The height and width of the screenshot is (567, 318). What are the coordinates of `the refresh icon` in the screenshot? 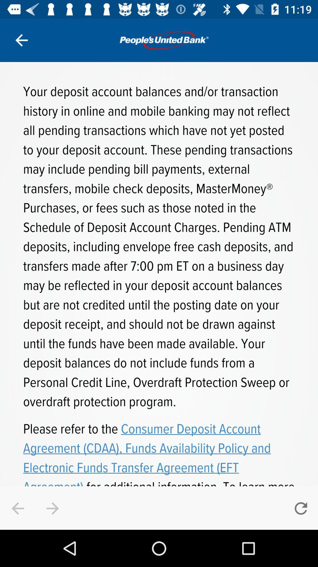 It's located at (300, 508).